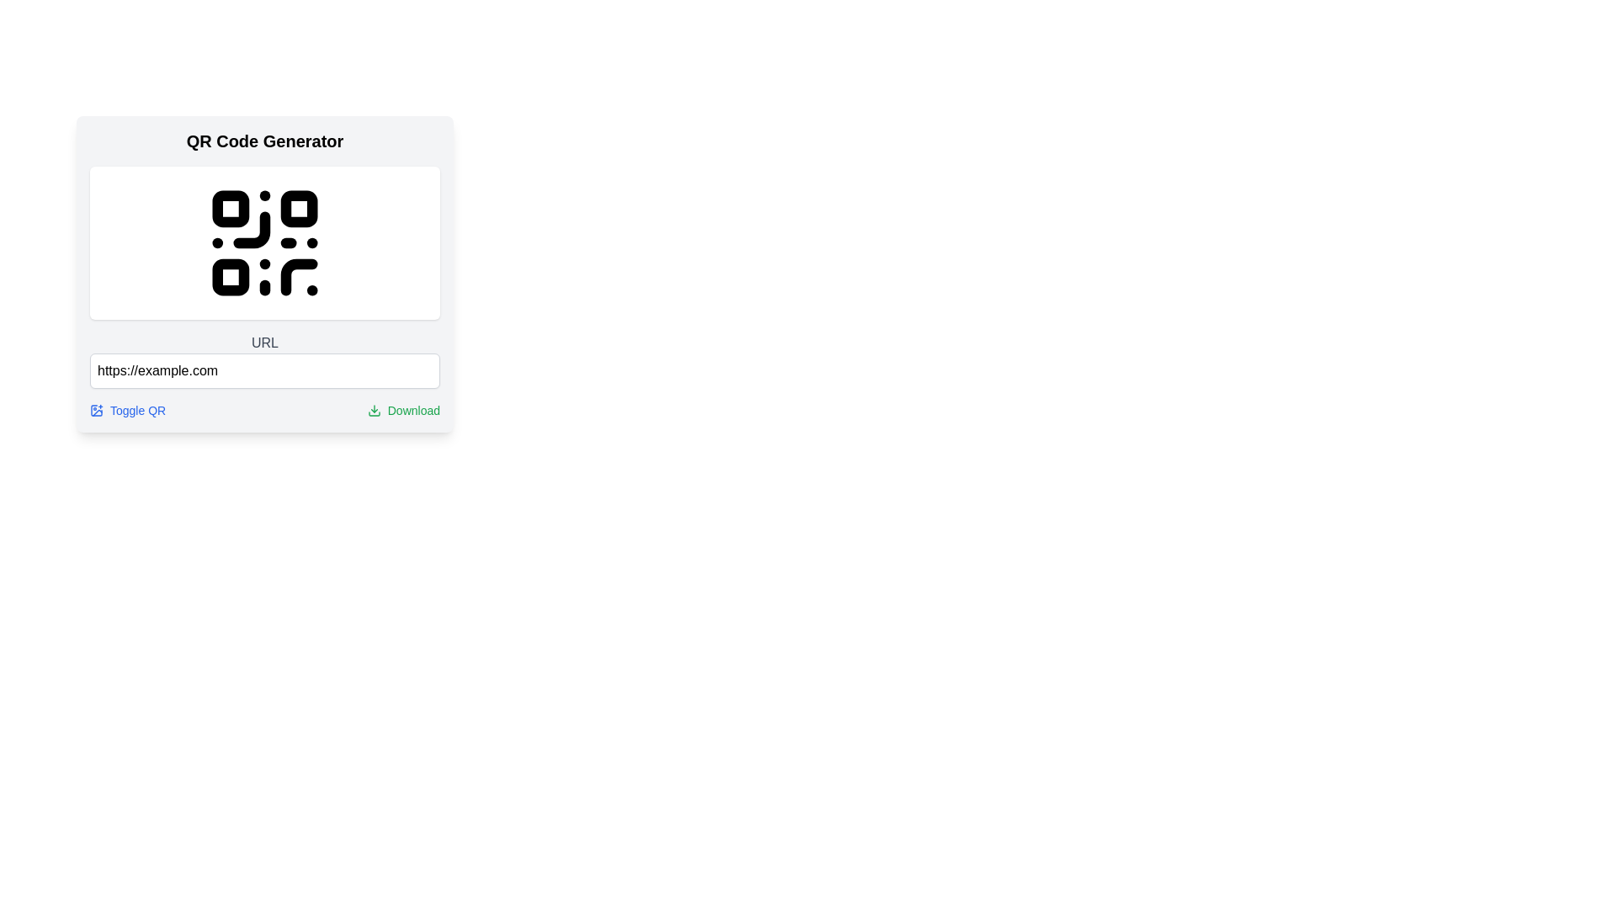 The height and width of the screenshot is (909, 1616). Describe the element at coordinates (264, 243) in the screenshot. I see `the SVG graphical element forming a QR code located at the center of the card labeled 'QR Code Generator'` at that location.